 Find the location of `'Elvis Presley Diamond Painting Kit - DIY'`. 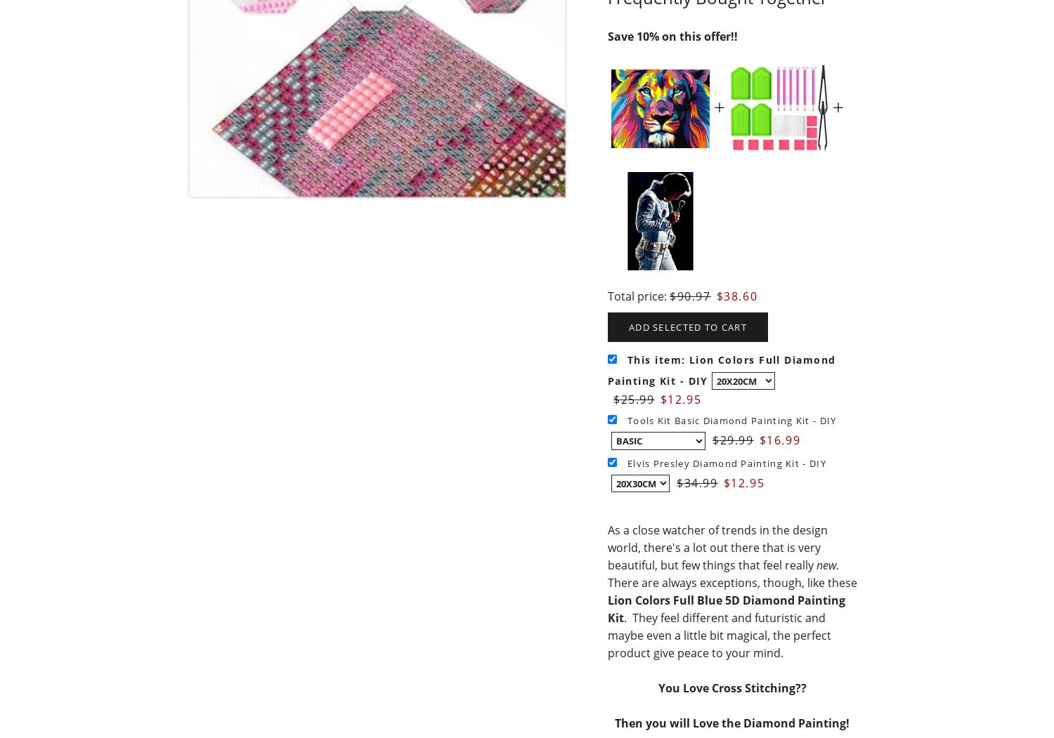

'Elvis Presley Diamond Painting Kit - DIY' is located at coordinates (726, 462).